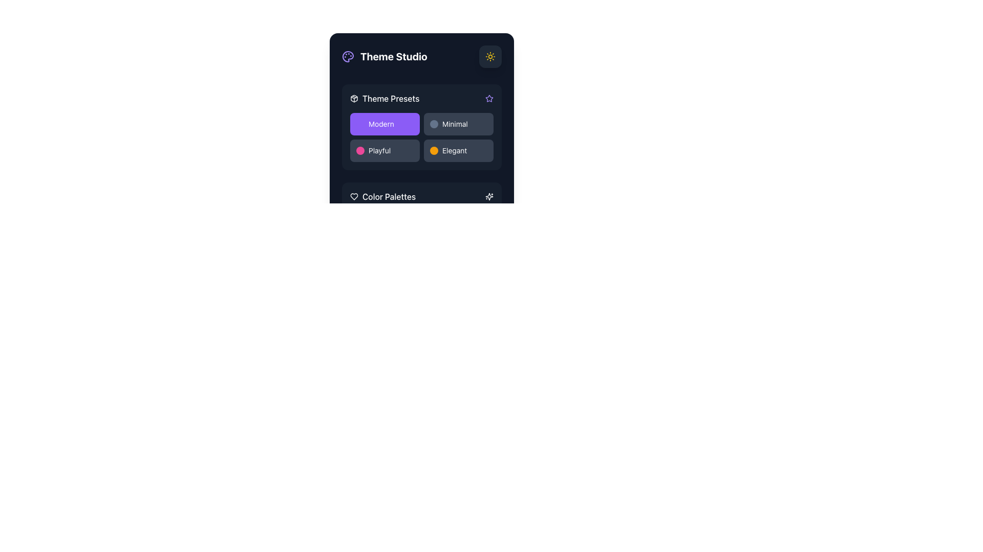 This screenshot has height=552, width=983. What do you see at coordinates (382, 197) in the screenshot?
I see `the 'Color Palettes' text element with a heart icon, which is part of the Theme Studio section and is the first item in its vertical layout` at bounding box center [382, 197].